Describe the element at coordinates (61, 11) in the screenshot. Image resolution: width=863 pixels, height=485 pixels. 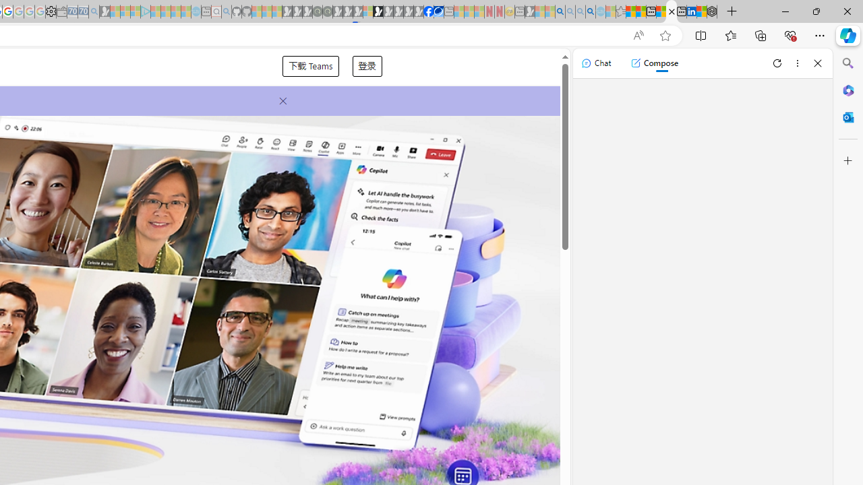
I see `'Wallet - Sleeping'` at that location.